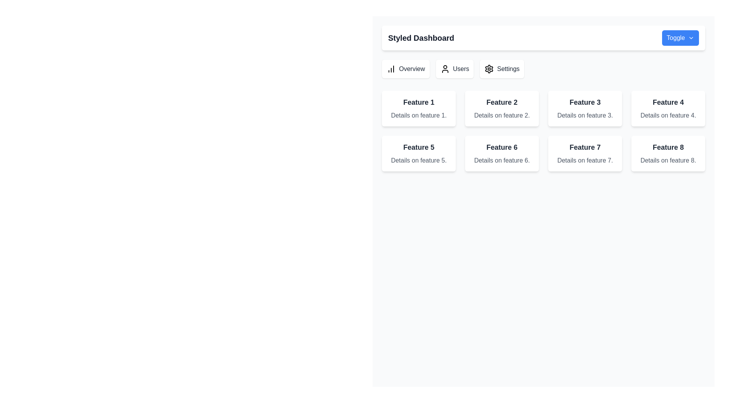 Image resolution: width=746 pixels, height=419 pixels. Describe the element at coordinates (668, 115) in the screenshot. I see `text content from the gray text block that says 'Details on feature 4.' located under the title 'Feature 4' in the card` at that location.